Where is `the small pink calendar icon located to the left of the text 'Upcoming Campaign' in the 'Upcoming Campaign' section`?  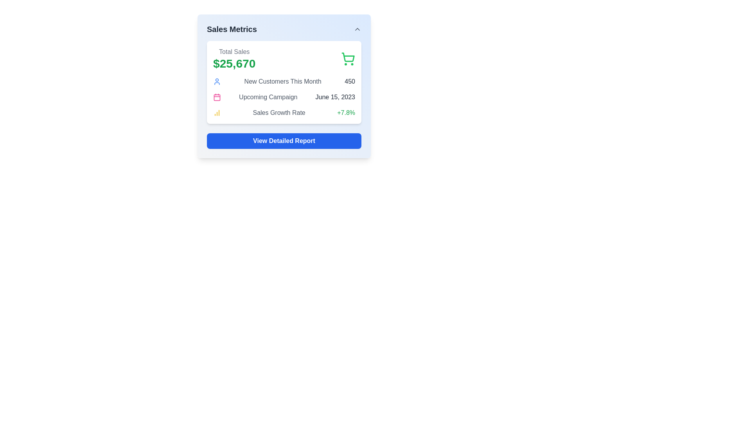 the small pink calendar icon located to the left of the text 'Upcoming Campaign' in the 'Upcoming Campaign' section is located at coordinates (217, 97).